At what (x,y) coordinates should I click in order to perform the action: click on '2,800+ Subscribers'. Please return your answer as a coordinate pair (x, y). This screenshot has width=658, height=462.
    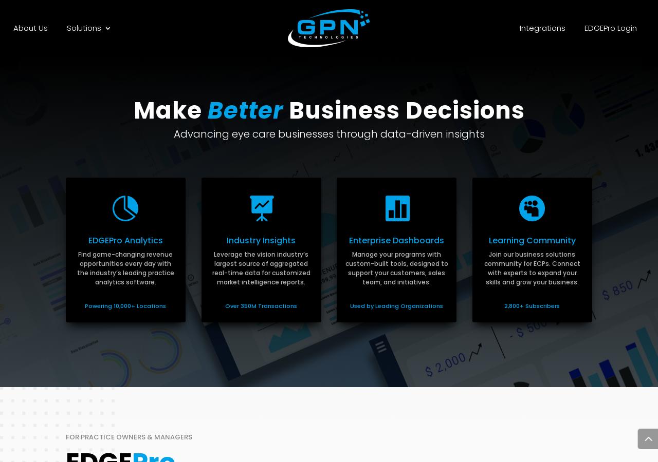
    Looking at the image, I should click on (532, 305).